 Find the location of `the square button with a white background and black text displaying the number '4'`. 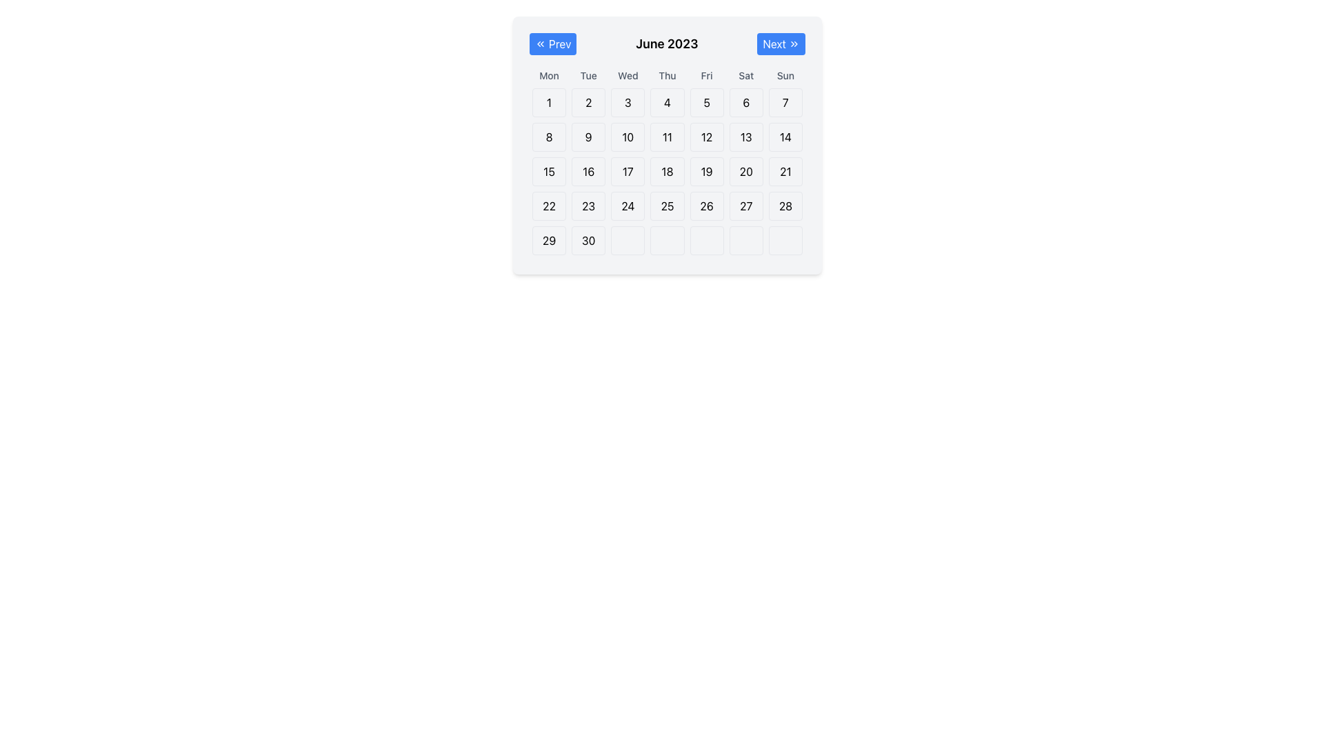

the square button with a white background and black text displaying the number '4' is located at coordinates (668, 102).